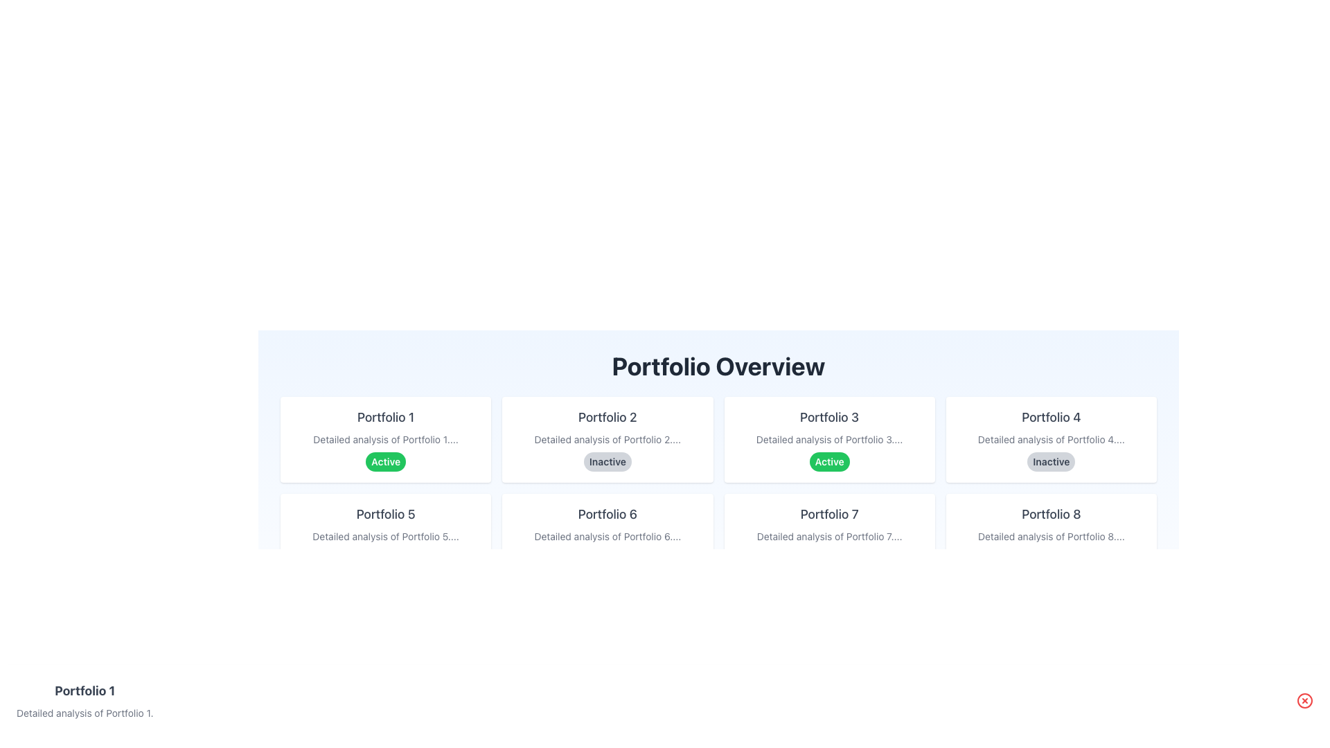  What do you see at coordinates (608, 515) in the screenshot?
I see `the Text Label displaying 'Portfolio 6' which is located at the upper section of a card in the second row and second column of a grid layout` at bounding box center [608, 515].